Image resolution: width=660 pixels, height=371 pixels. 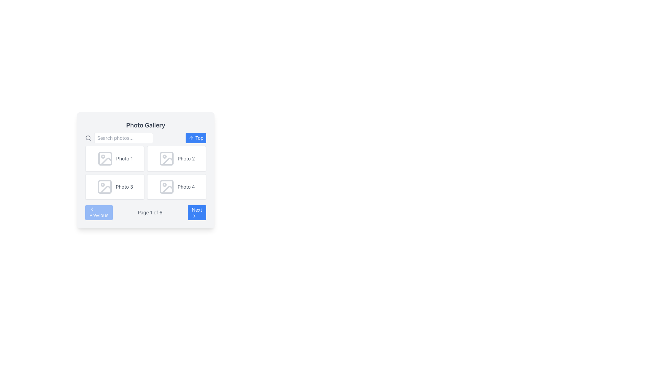 I want to click on the text label displaying 'Photo 4' located at the bottom-right of the photo entry grid, so click(x=186, y=187).